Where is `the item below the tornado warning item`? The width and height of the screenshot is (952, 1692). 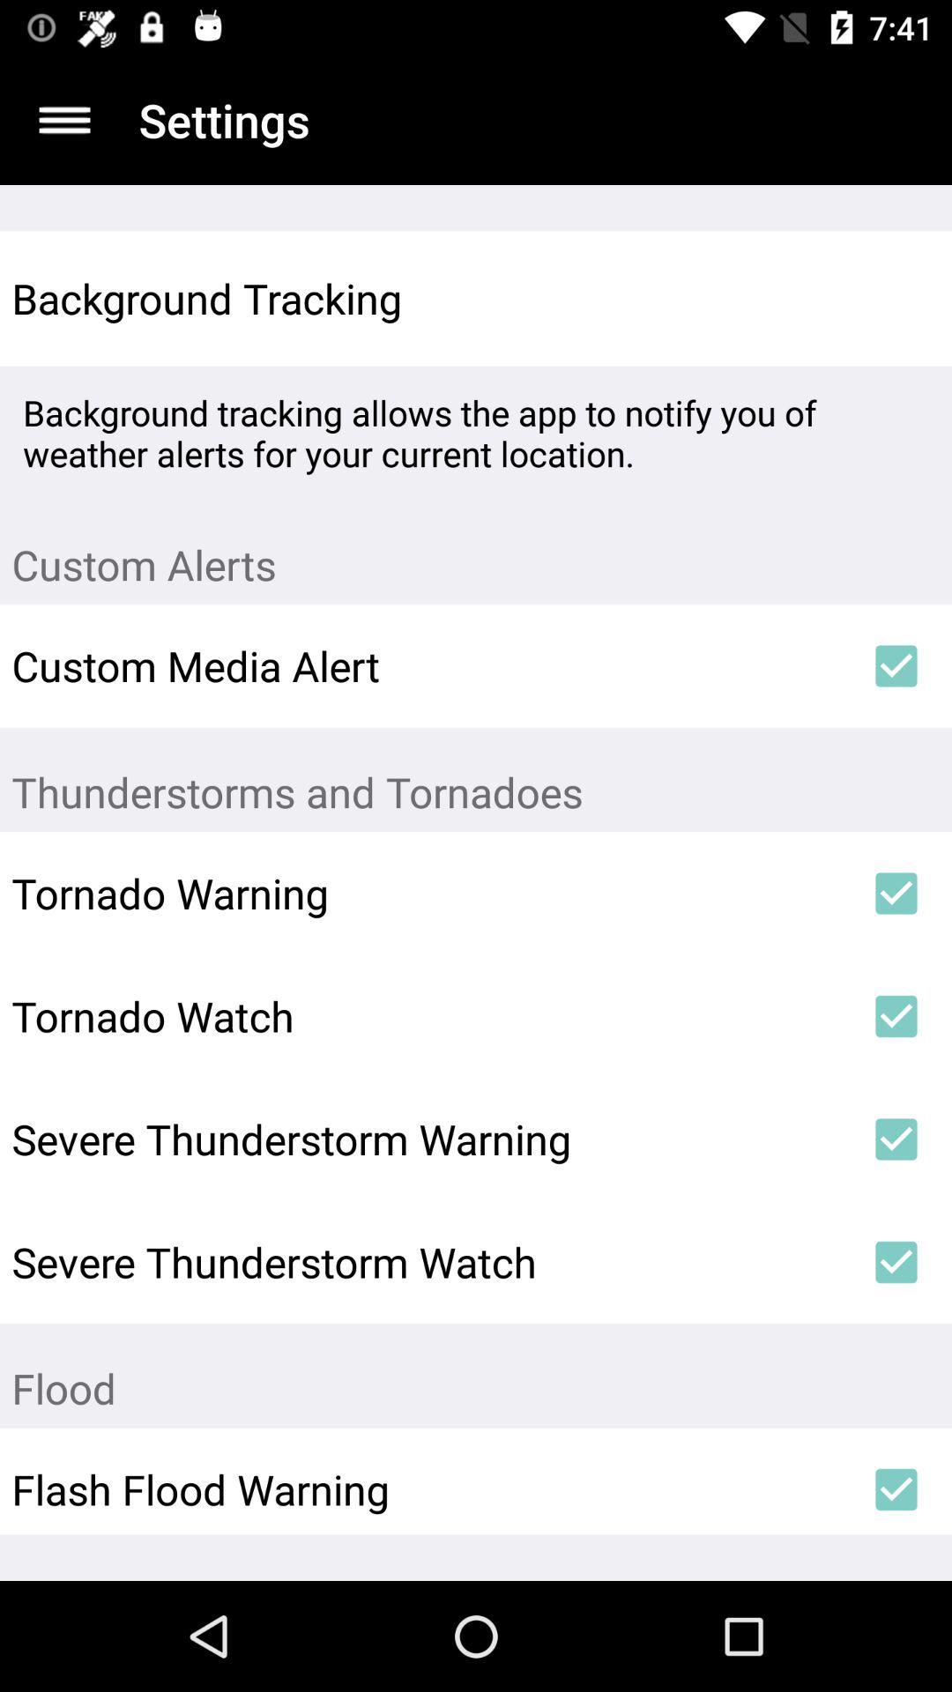 the item below the tornado warning item is located at coordinates (426, 1016).